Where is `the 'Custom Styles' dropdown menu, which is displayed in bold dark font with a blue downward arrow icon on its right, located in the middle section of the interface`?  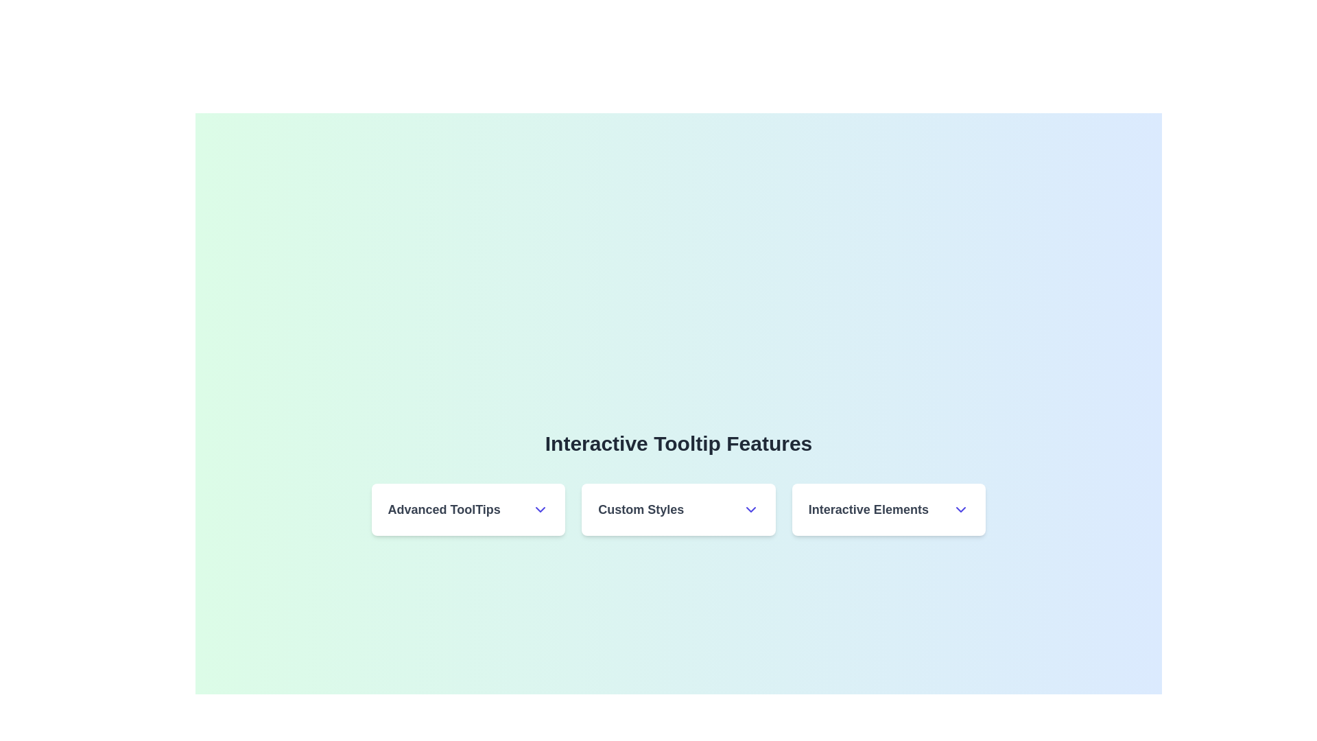
the 'Custom Styles' dropdown menu, which is displayed in bold dark font with a blue downward arrow icon on its right, located in the middle section of the interface is located at coordinates (678, 510).